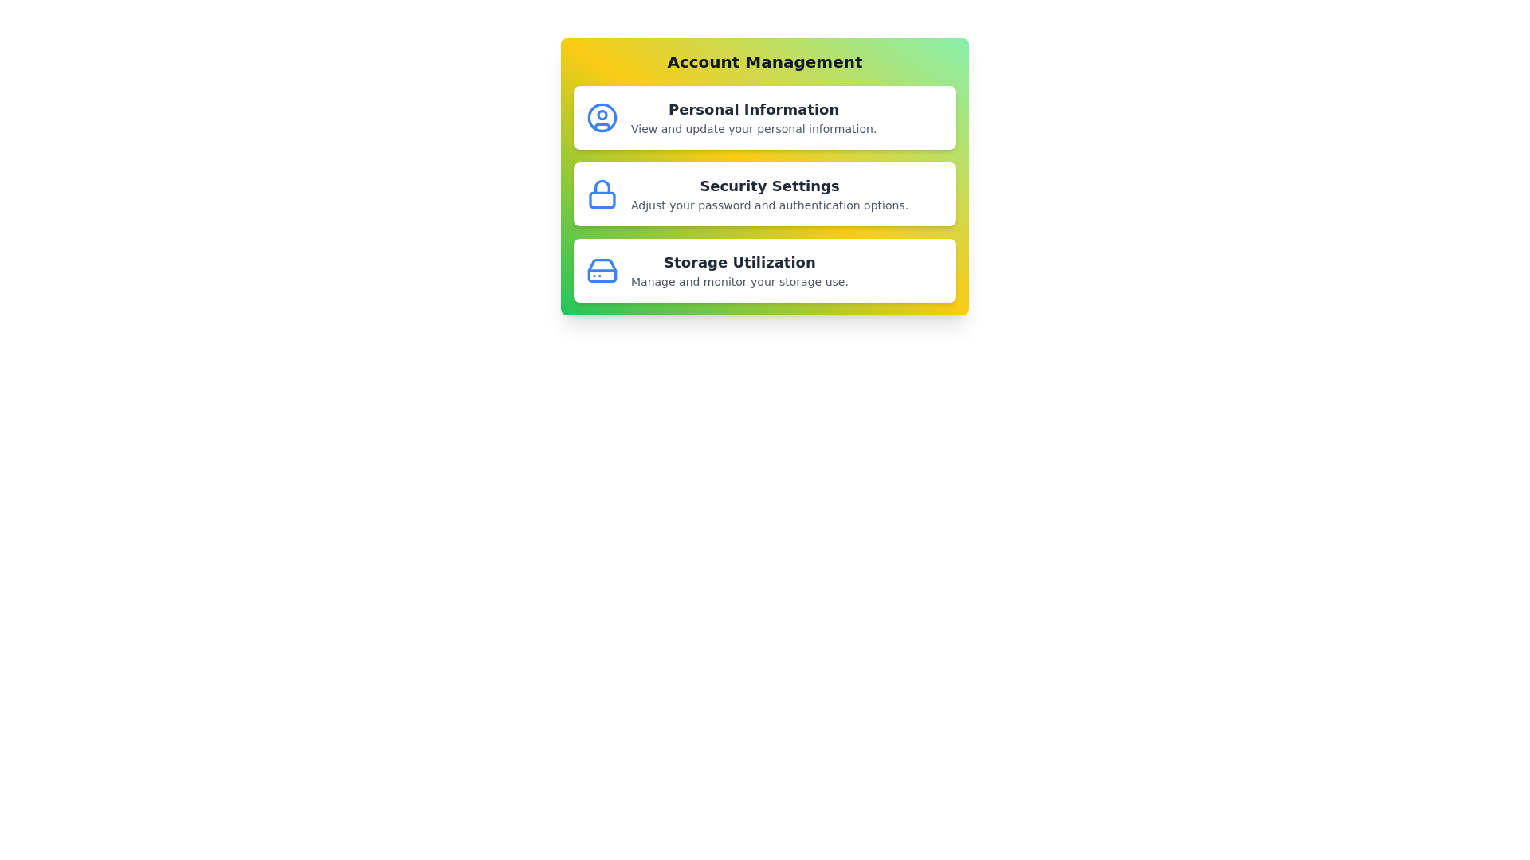  What do you see at coordinates (765, 116) in the screenshot?
I see `the profile option labeled 'Personal Information' to view its hover effects` at bounding box center [765, 116].